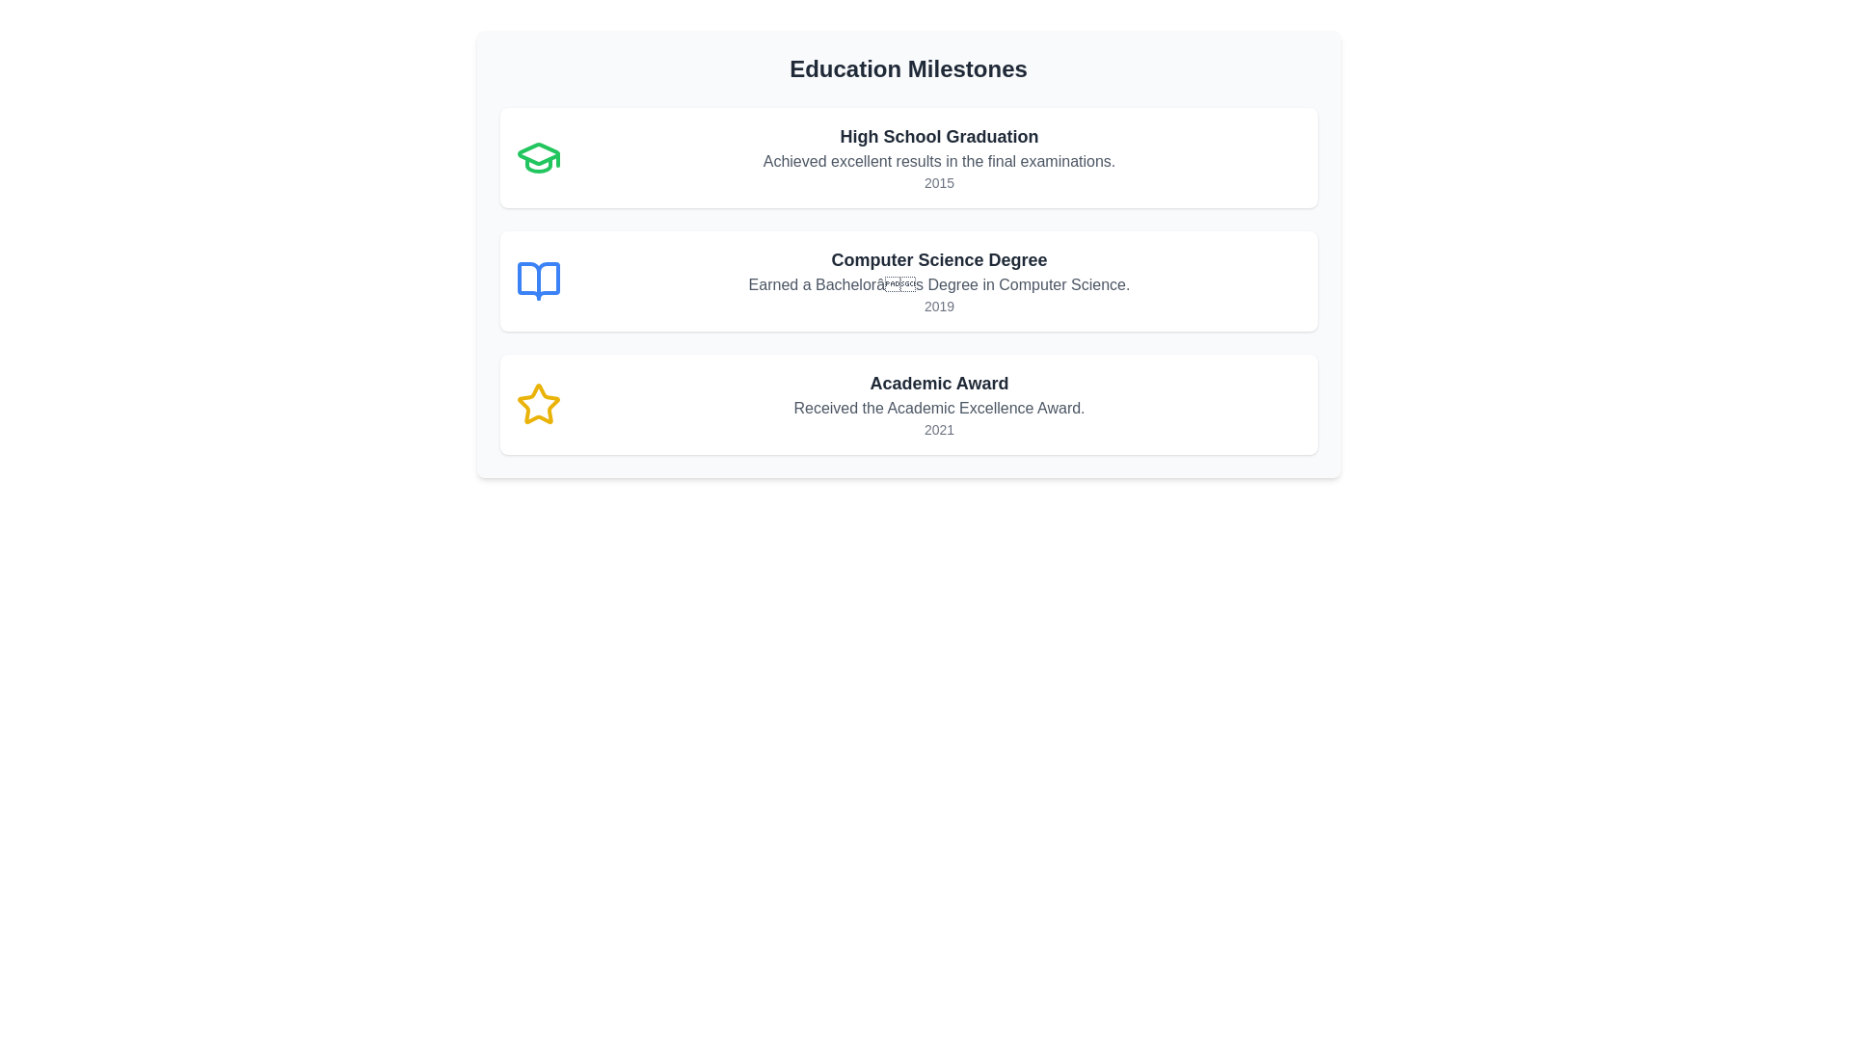 Image resolution: width=1851 pixels, height=1041 pixels. What do you see at coordinates (939, 429) in the screenshot?
I see `the Text Label displaying the year associated with the 'Academic Award' milestone, located at the bottom-right area of the third card in the vertical sequence of education milestones` at bounding box center [939, 429].